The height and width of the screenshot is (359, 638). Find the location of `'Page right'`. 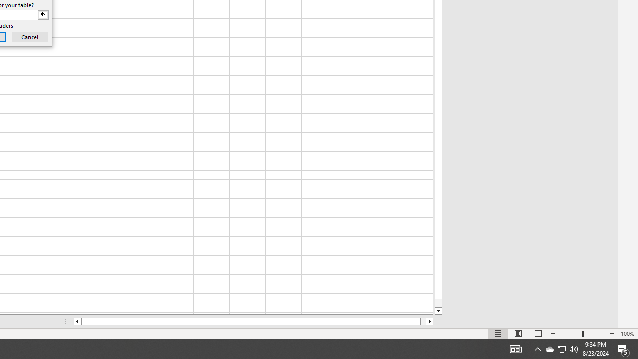

'Page right' is located at coordinates (423, 321).